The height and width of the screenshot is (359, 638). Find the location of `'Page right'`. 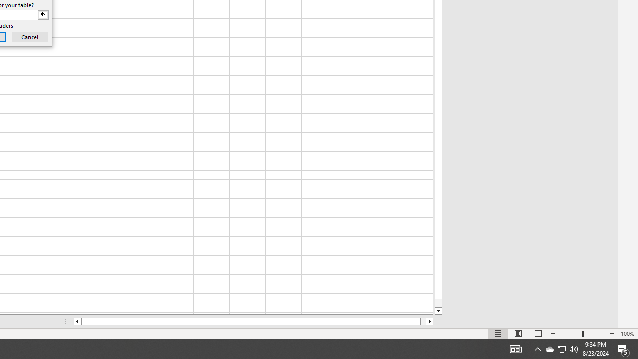

'Page right' is located at coordinates (423, 321).